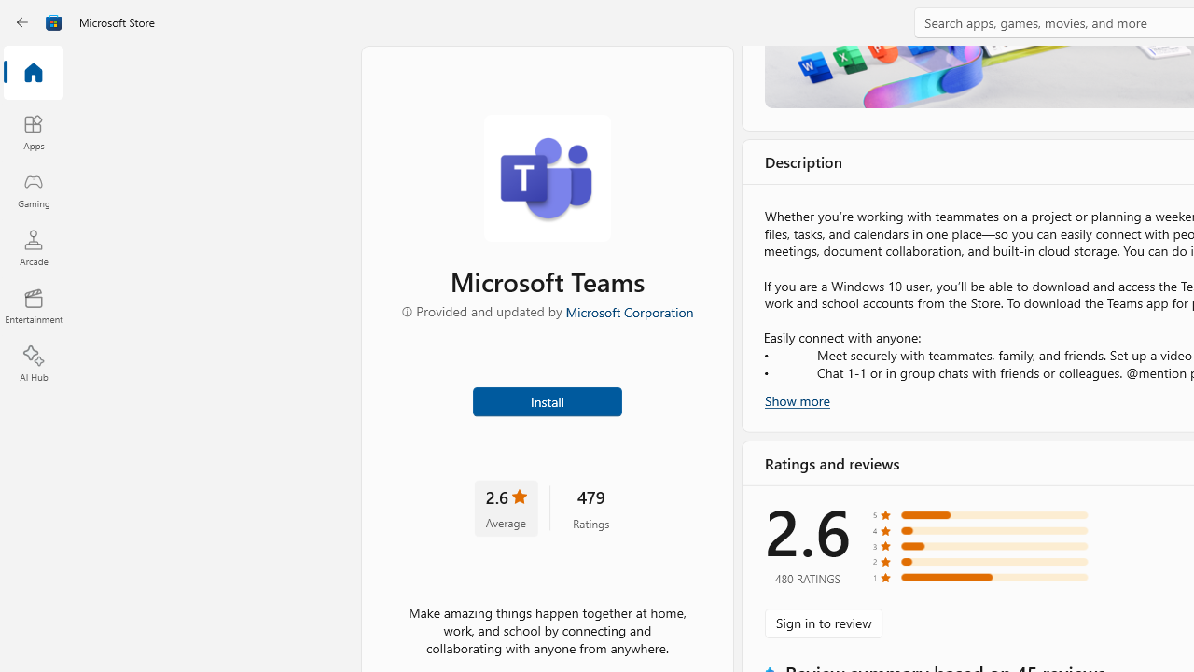  I want to click on 'Show more', so click(798, 399).